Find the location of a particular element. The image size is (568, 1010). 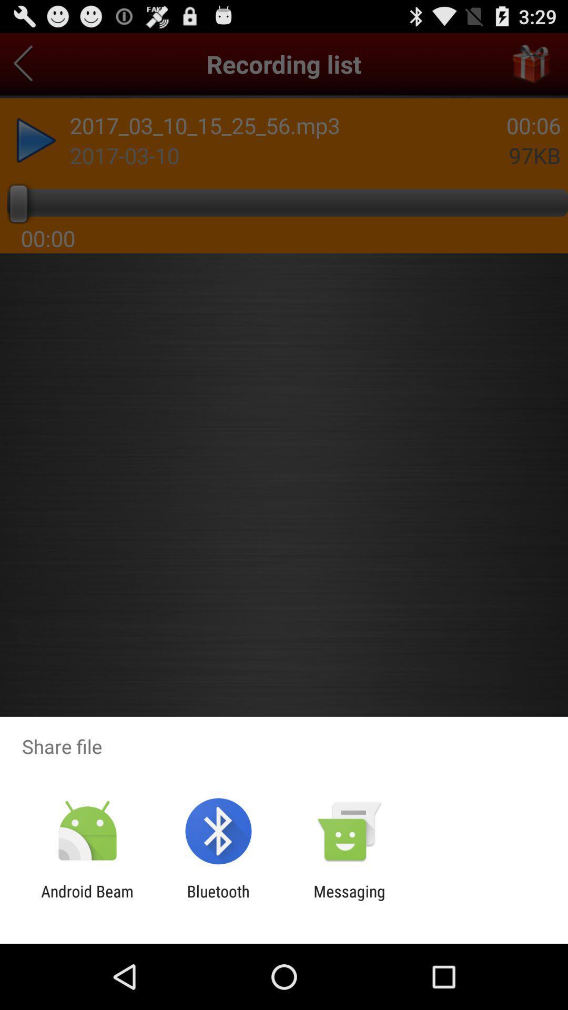

the bluetooth icon is located at coordinates (218, 900).